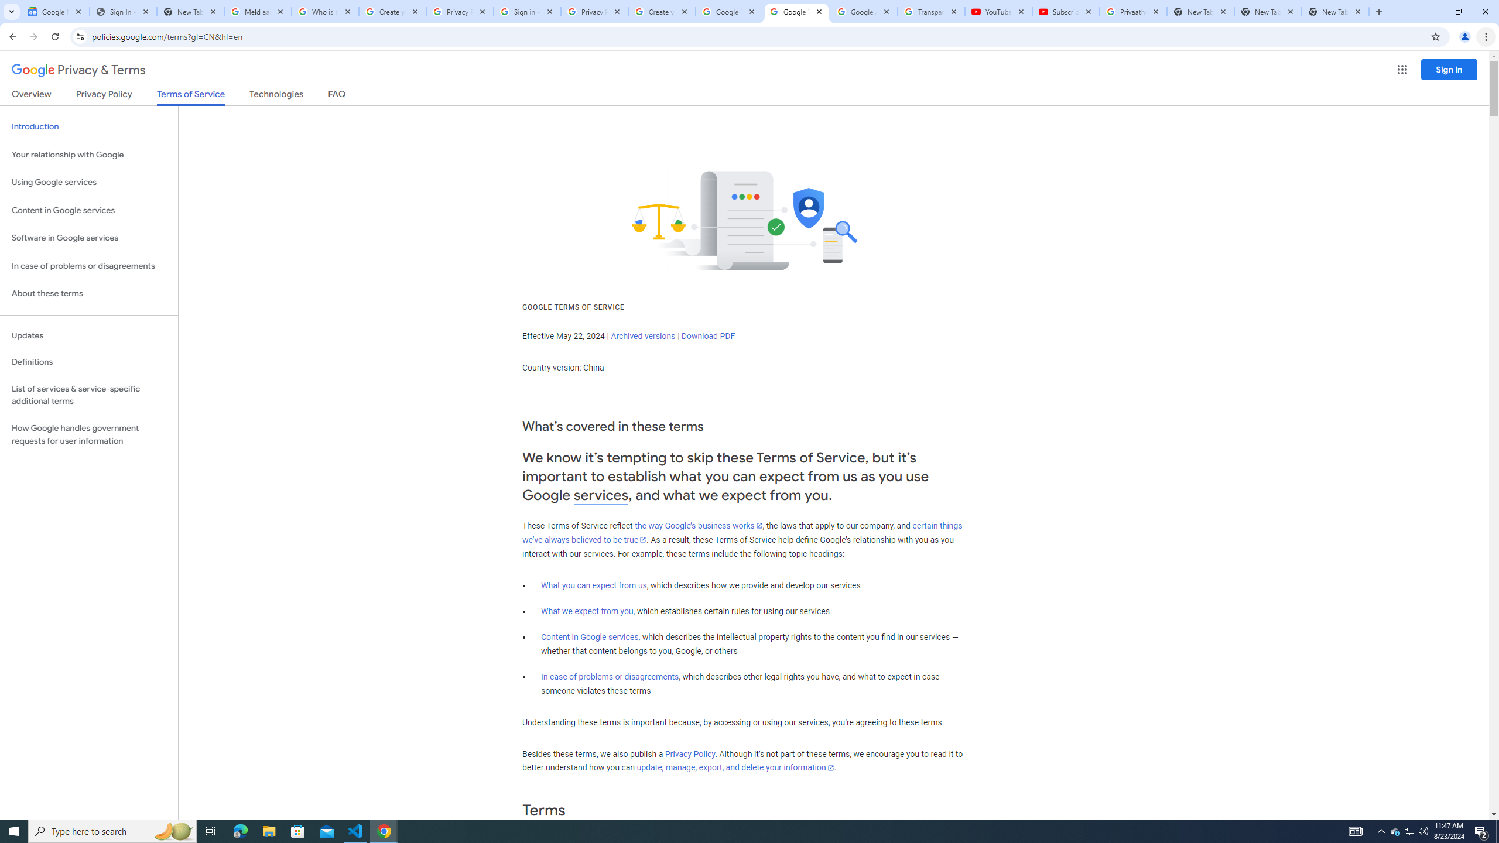 This screenshot has height=843, width=1499. I want to click on 'Using Google services', so click(88, 181).